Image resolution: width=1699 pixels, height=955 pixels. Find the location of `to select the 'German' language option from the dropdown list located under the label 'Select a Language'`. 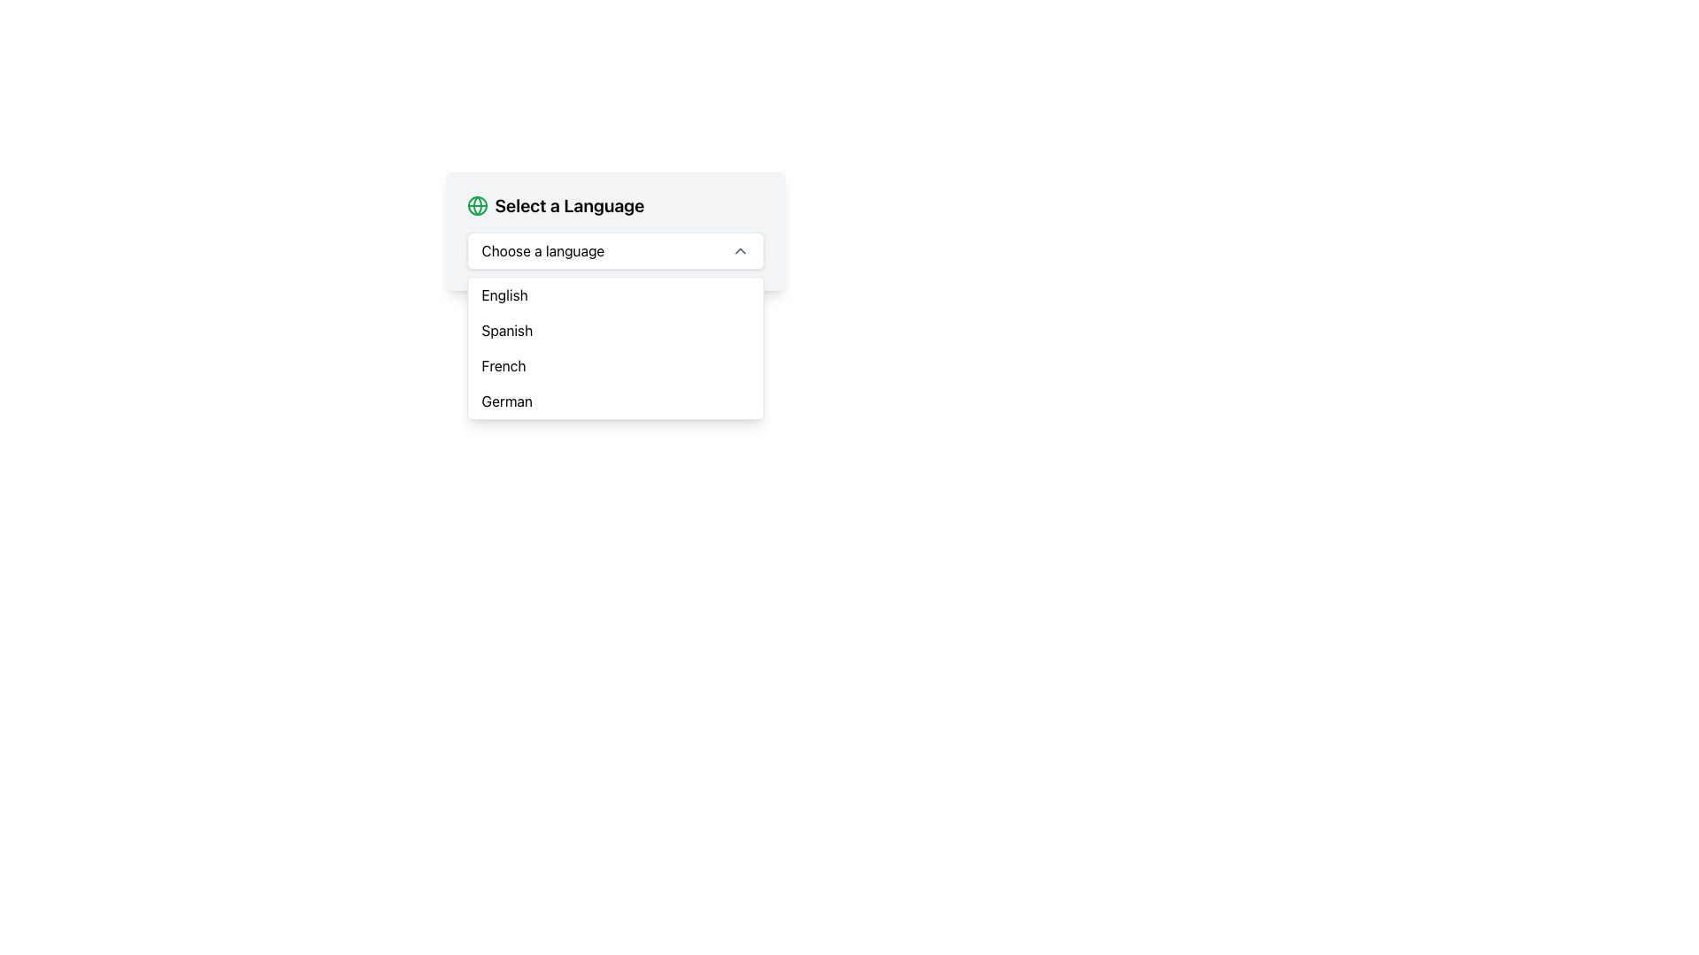

to select the 'German' language option from the dropdown list located under the label 'Select a Language' is located at coordinates (506, 401).